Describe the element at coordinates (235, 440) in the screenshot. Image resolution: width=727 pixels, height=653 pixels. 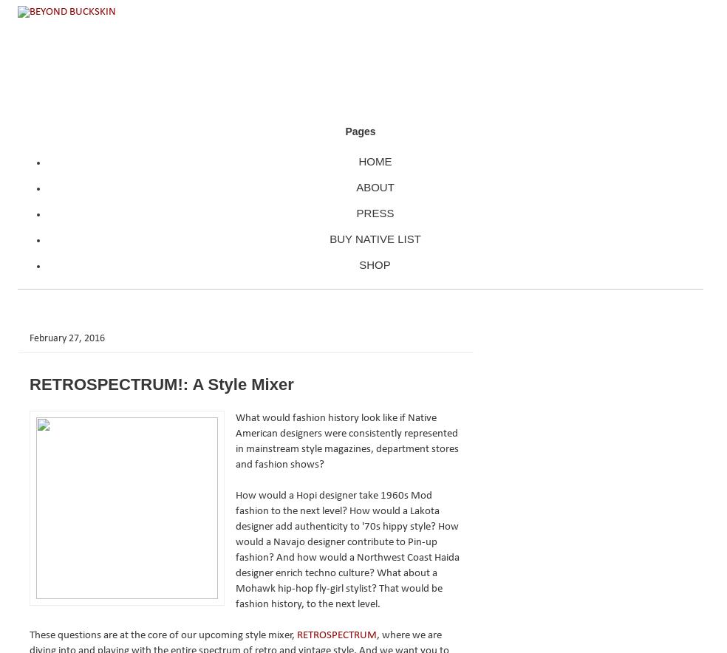
I see `'What would fashion history look like if Native American designers were consistently represented in mainstream style magazines, department stores and fashion shows?'` at that location.